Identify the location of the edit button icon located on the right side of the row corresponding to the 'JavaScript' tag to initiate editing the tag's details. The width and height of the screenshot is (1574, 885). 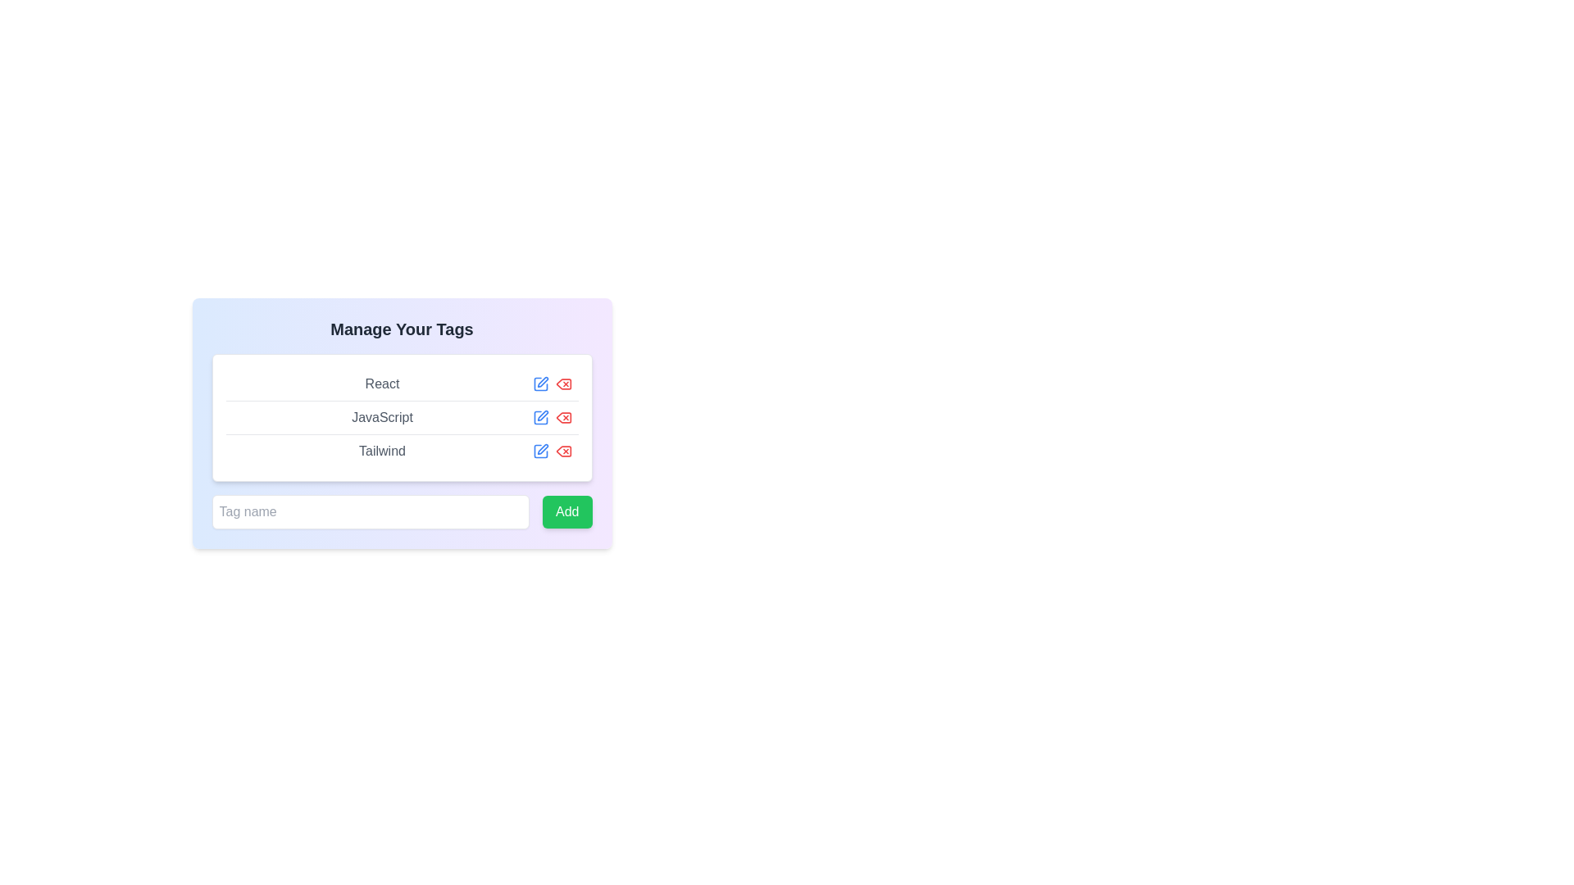
(540, 416).